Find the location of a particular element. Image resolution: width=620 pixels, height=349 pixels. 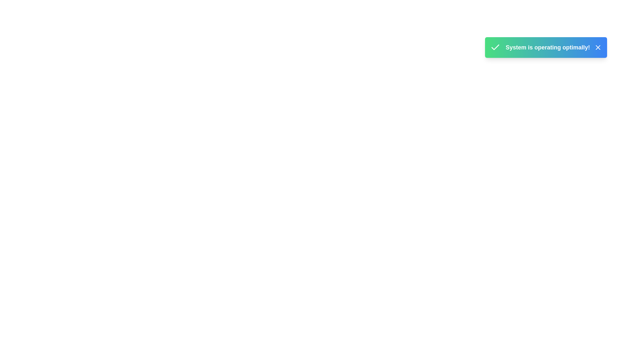

the close button of the notification panel is located at coordinates (598, 47).